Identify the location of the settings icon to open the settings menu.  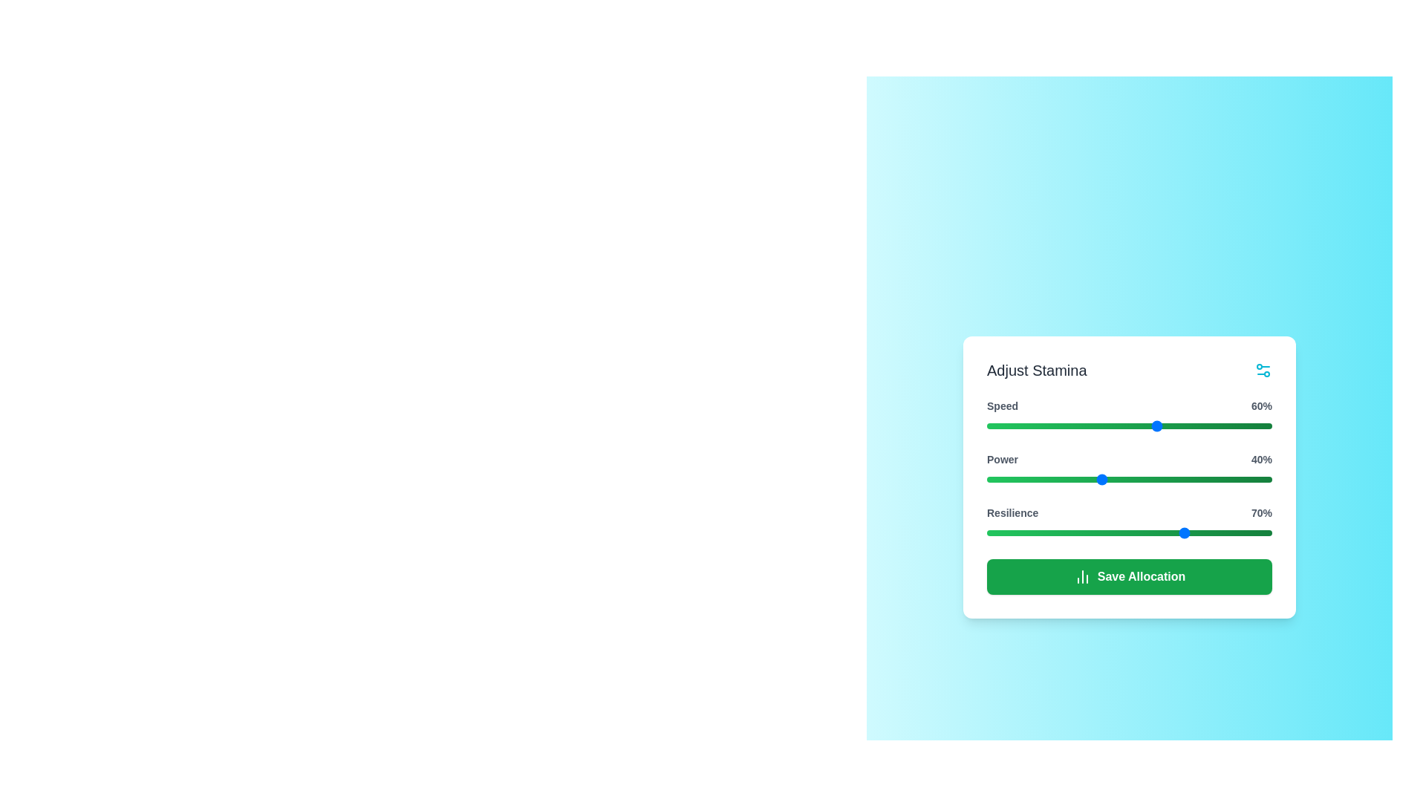
(1262, 369).